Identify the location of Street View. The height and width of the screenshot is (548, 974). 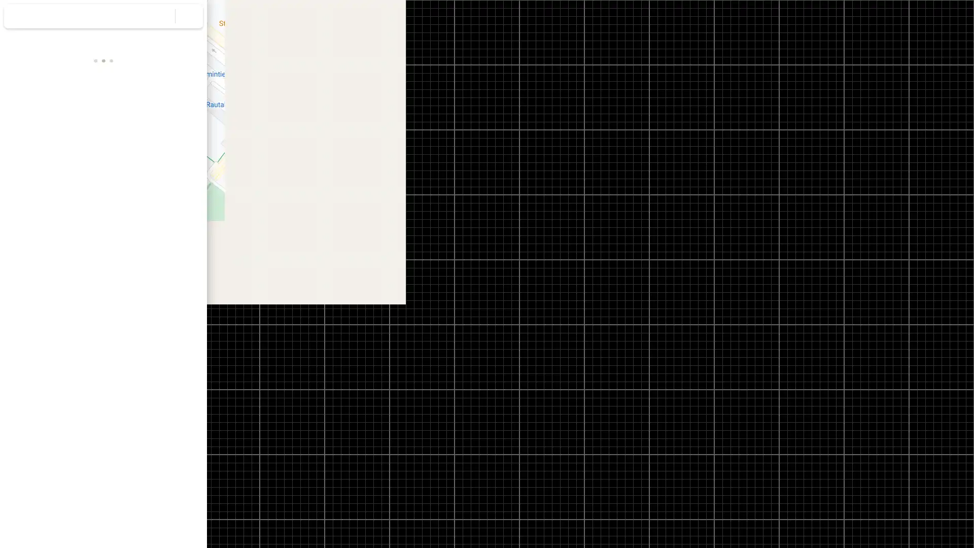
(103, 372).